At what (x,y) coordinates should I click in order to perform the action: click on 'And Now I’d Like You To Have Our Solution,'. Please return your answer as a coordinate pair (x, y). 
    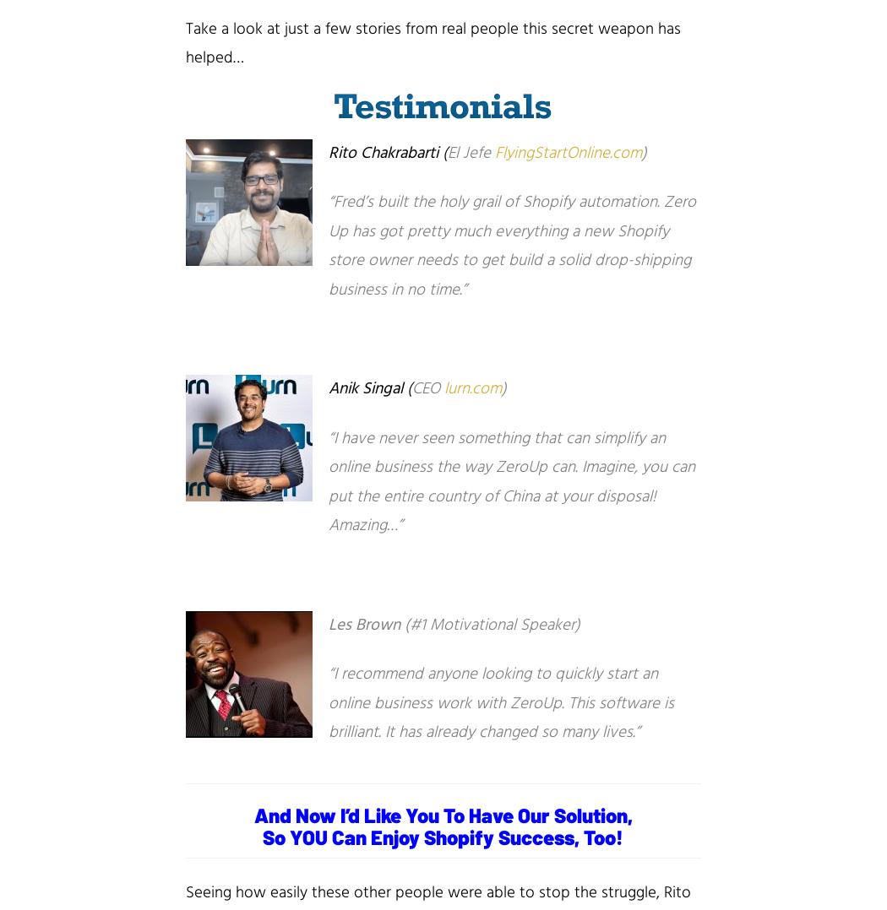
    Looking at the image, I should click on (441, 814).